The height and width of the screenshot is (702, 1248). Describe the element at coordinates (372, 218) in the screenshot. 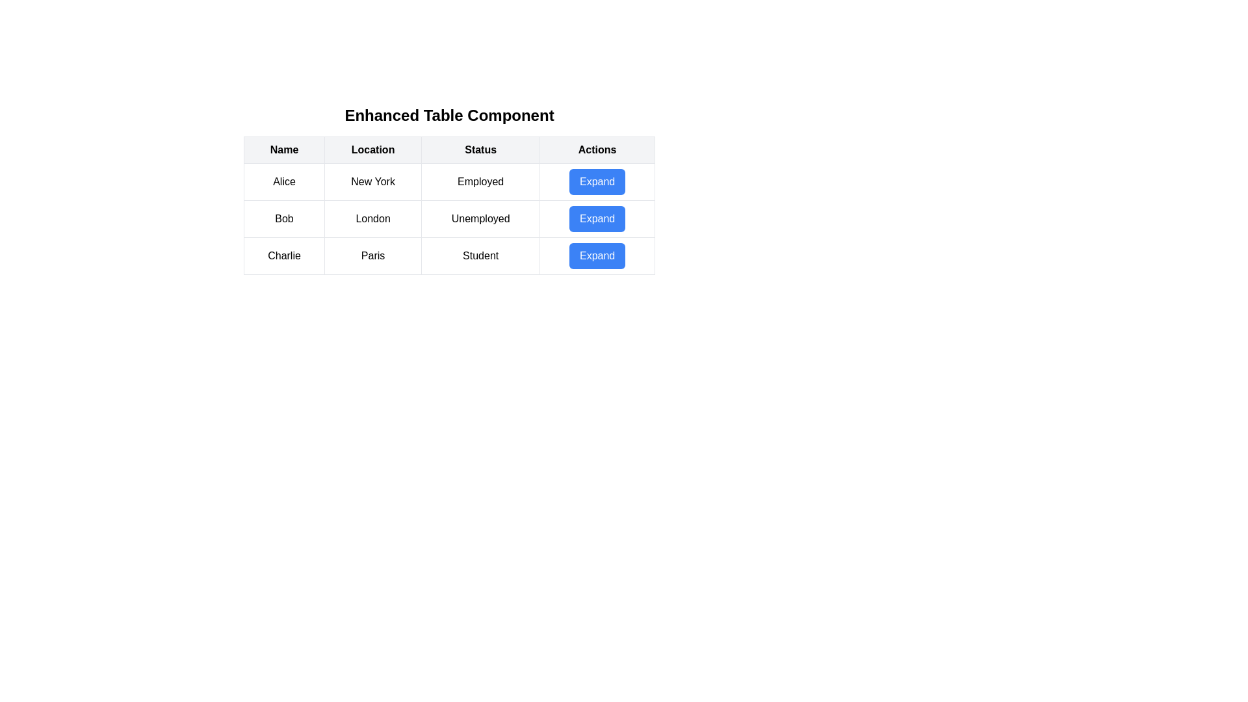

I see `text 'London' from the table cell located in the second column of the second row under the header 'Location'` at that location.